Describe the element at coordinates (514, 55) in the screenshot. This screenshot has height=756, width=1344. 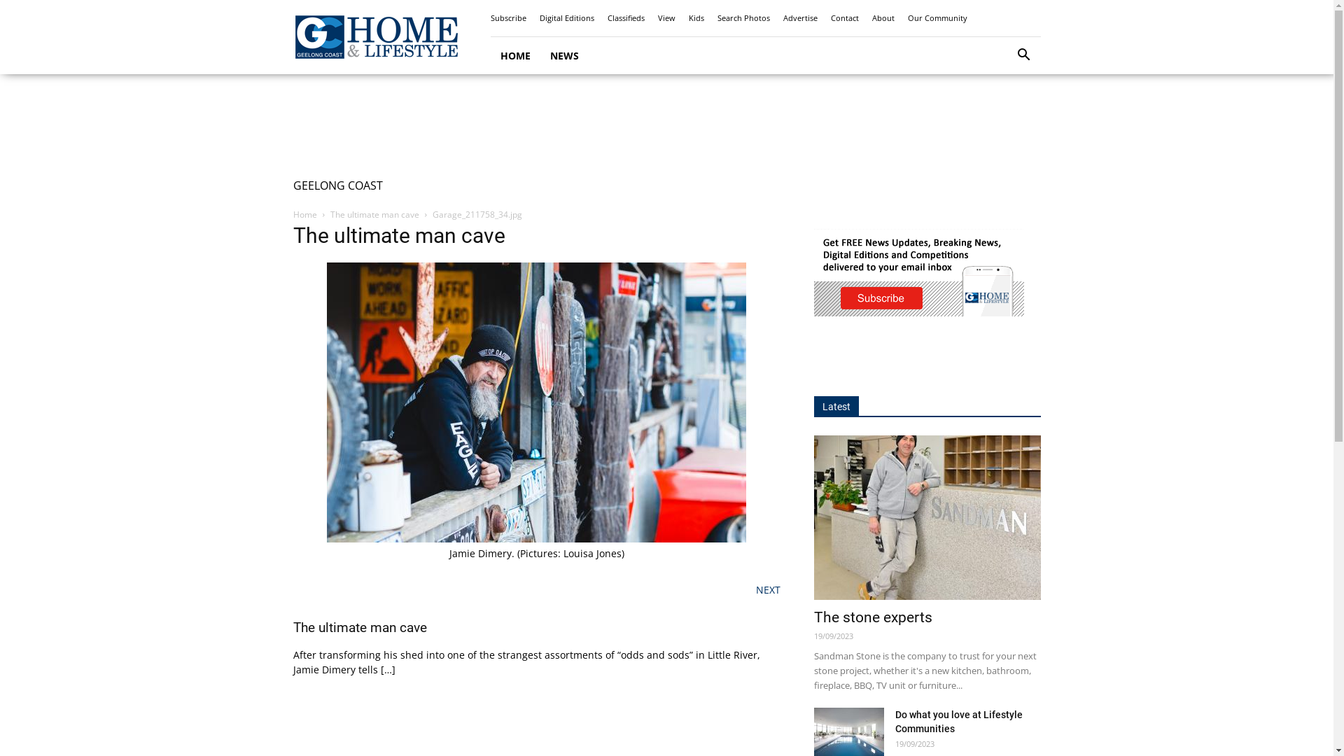
I see `'HOME'` at that location.